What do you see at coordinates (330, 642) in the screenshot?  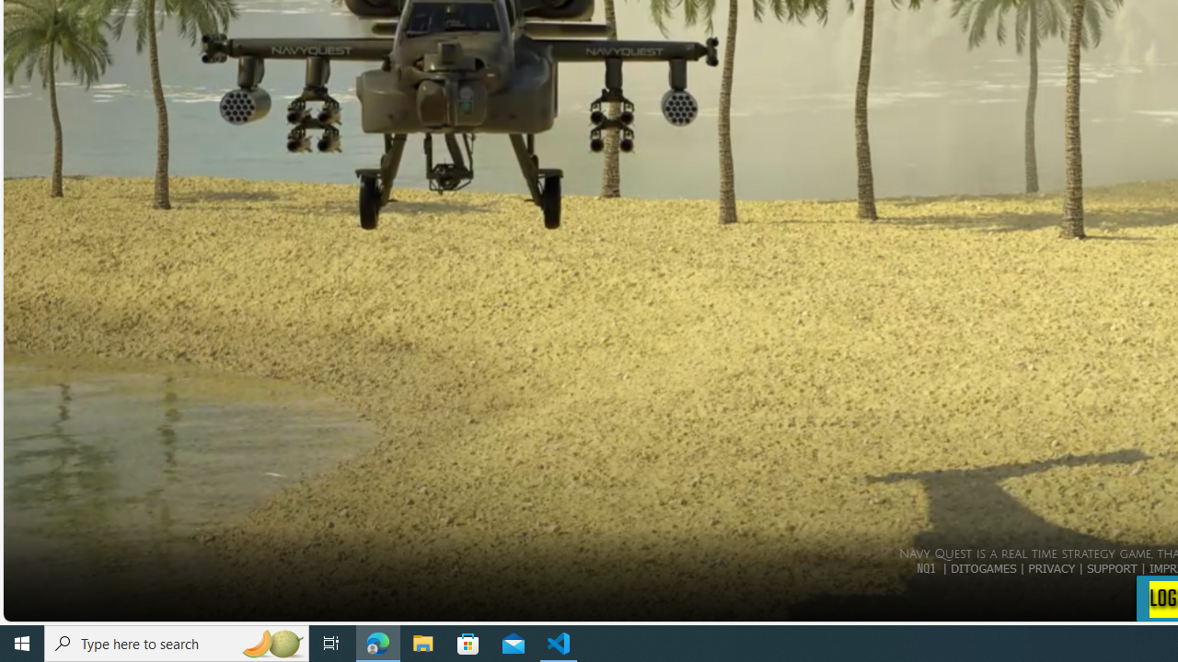 I see `'Task View'` at bounding box center [330, 642].